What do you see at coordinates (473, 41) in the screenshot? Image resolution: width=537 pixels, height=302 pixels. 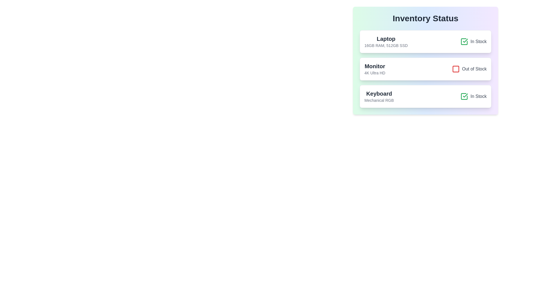 I see `the green checkmark label indicating 'In Stock' located to the right of the 'Laptop' label in the inventory status list` at bounding box center [473, 41].